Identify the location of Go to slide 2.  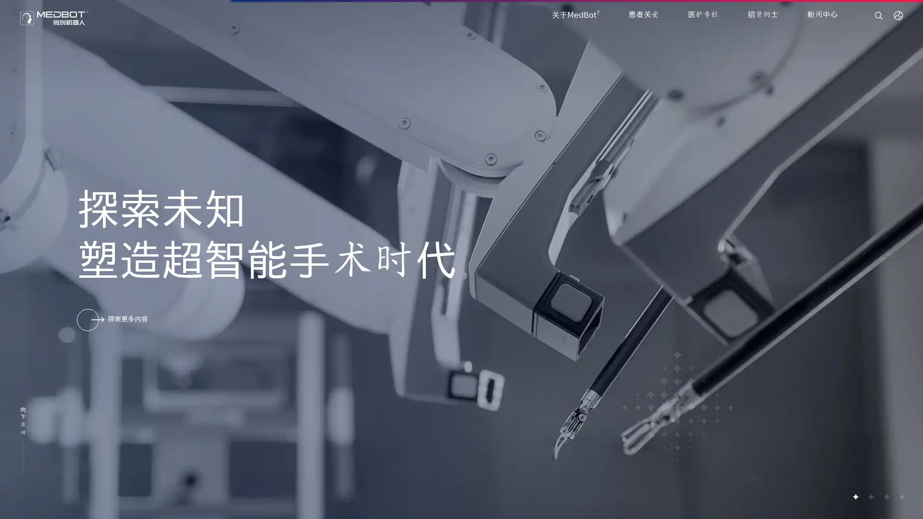
(870, 496).